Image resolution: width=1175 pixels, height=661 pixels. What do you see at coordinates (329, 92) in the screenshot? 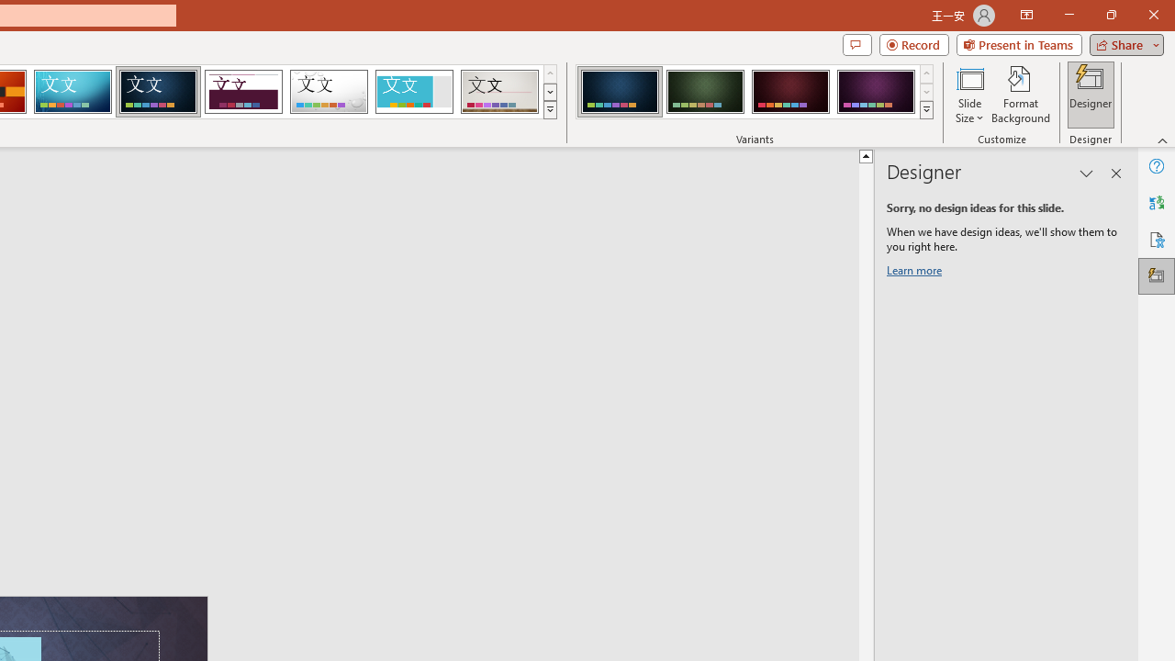
I see `'Droplet'` at bounding box center [329, 92].